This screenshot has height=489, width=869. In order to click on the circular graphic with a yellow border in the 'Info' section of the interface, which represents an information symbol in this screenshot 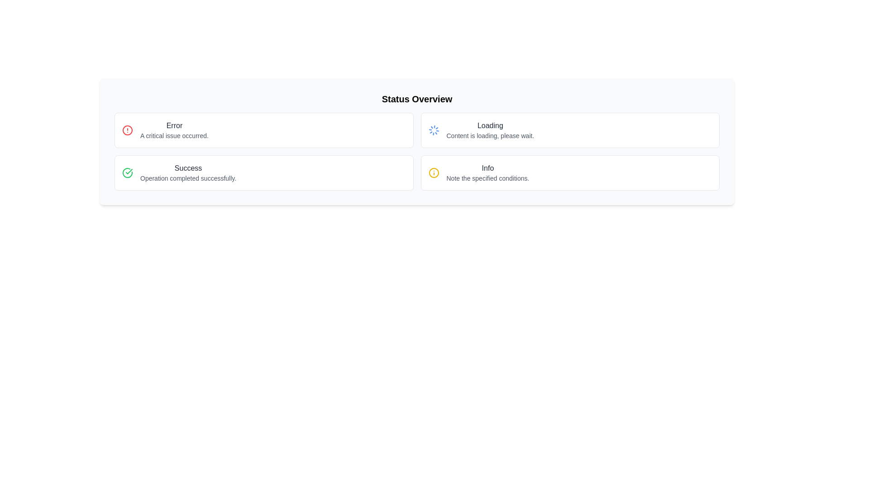, I will do `click(433, 173)`.